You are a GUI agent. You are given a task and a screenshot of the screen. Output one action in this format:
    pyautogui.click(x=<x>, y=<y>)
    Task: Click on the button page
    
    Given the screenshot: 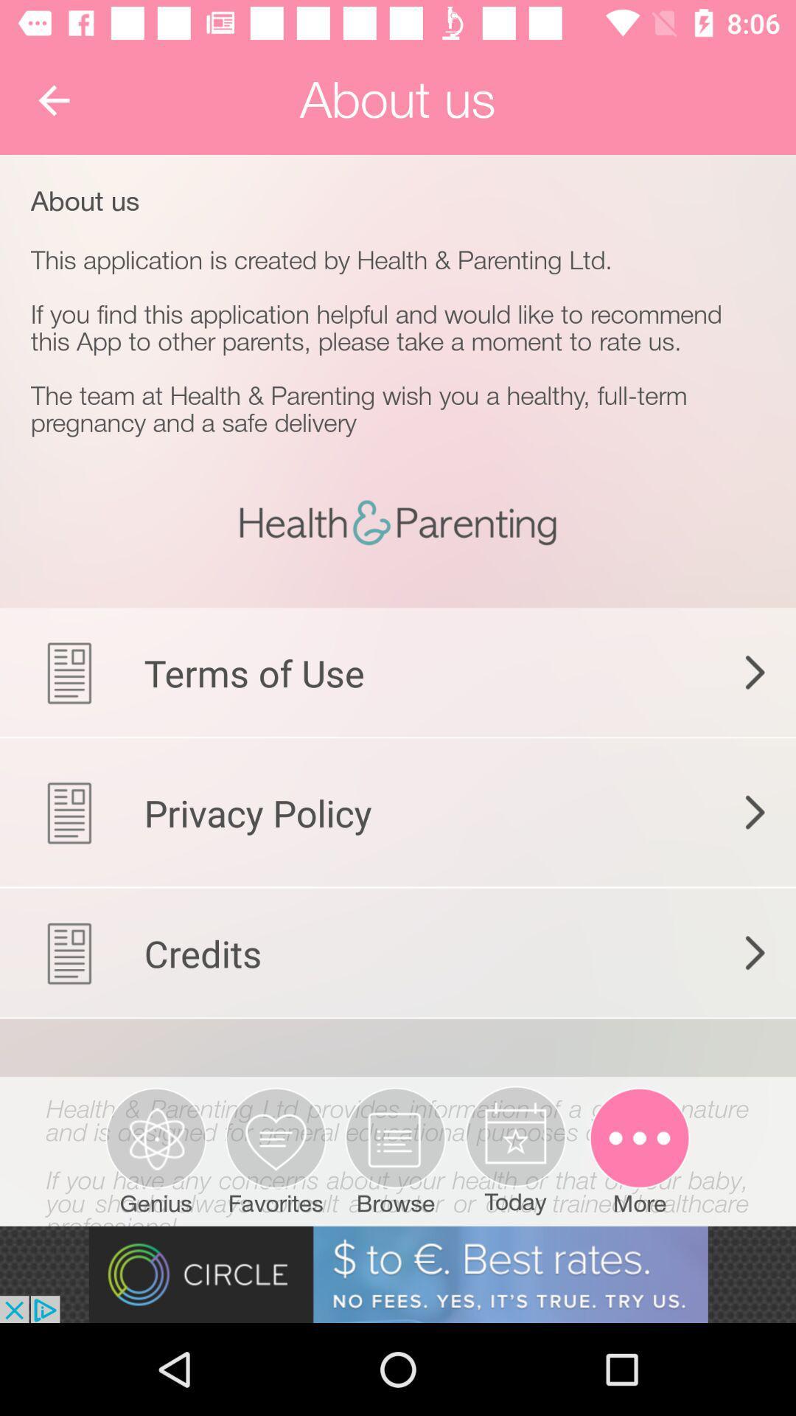 What is the action you would take?
    pyautogui.click(x=398, y=1131)
    